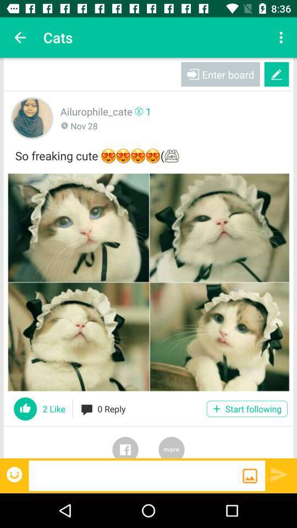  Describe the element at coordinates (135, 475) in the screenshot. I see `message box` at that location.